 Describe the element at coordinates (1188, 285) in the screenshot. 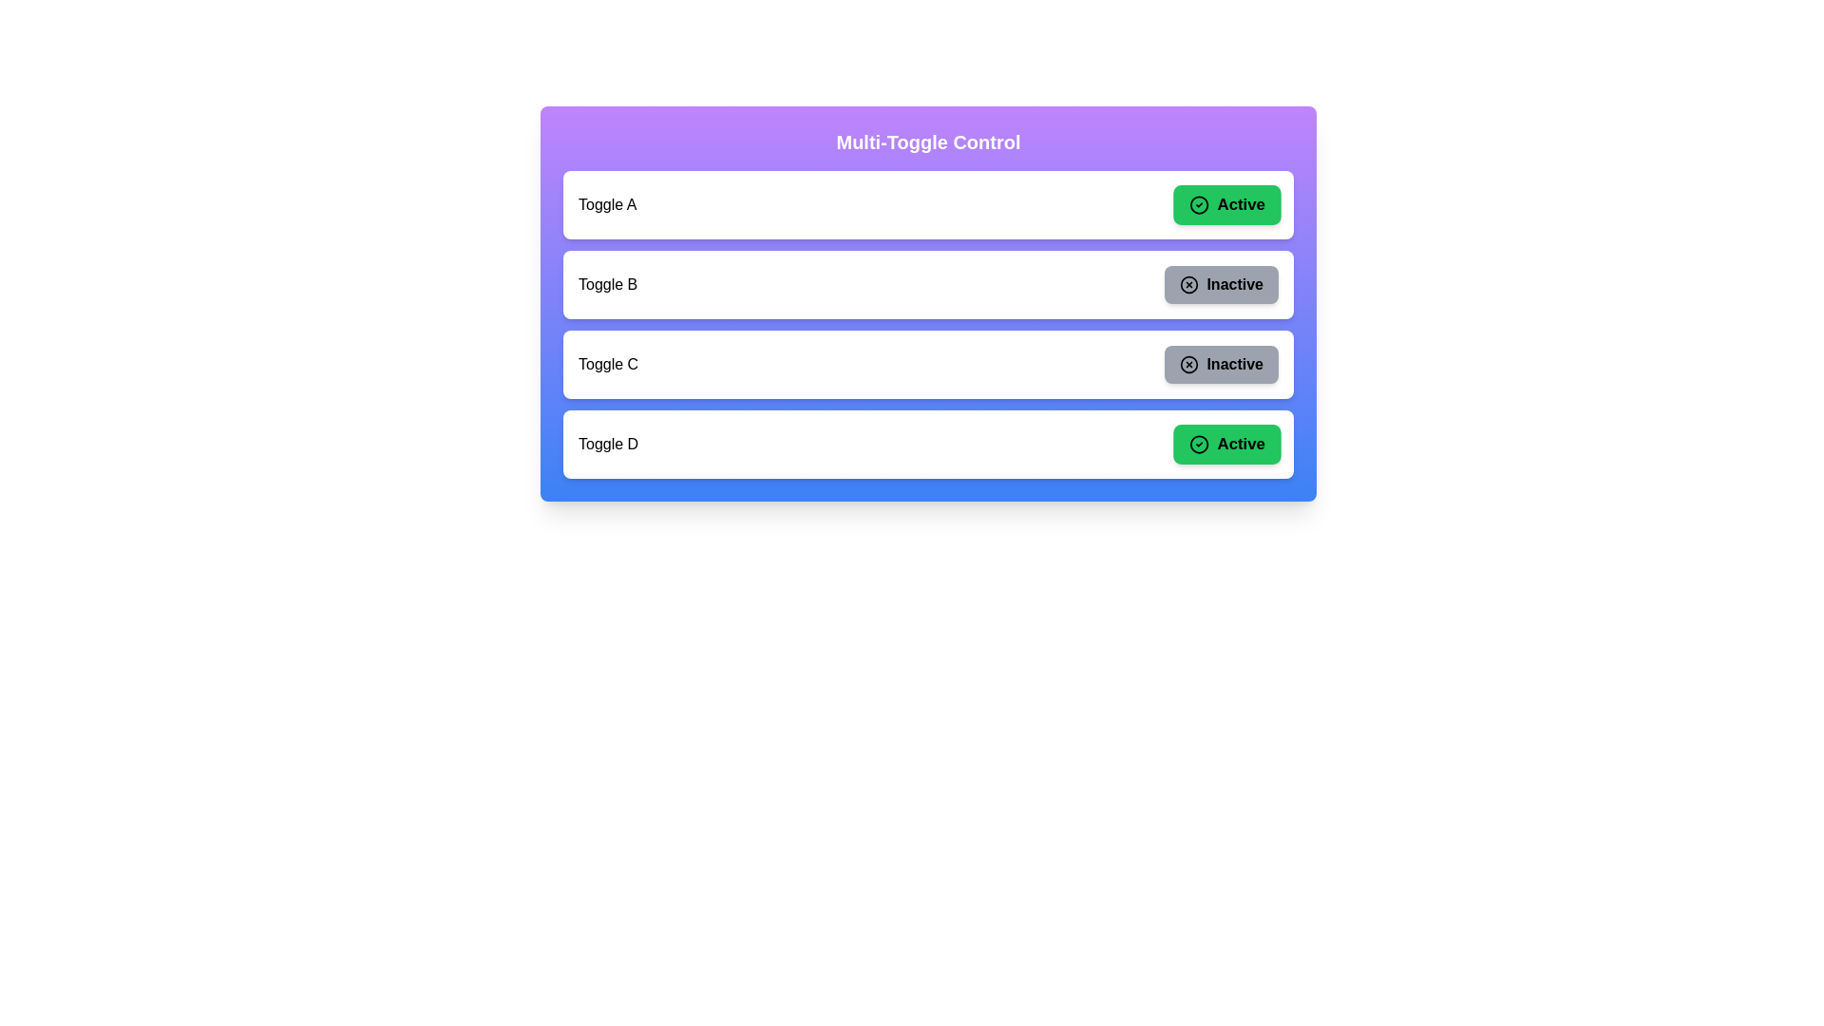

I see `the 'inactive' status icon located inside the toggle button labeled 'Inactive', which is the second button in a vertical set of toggle buttons` at that location.